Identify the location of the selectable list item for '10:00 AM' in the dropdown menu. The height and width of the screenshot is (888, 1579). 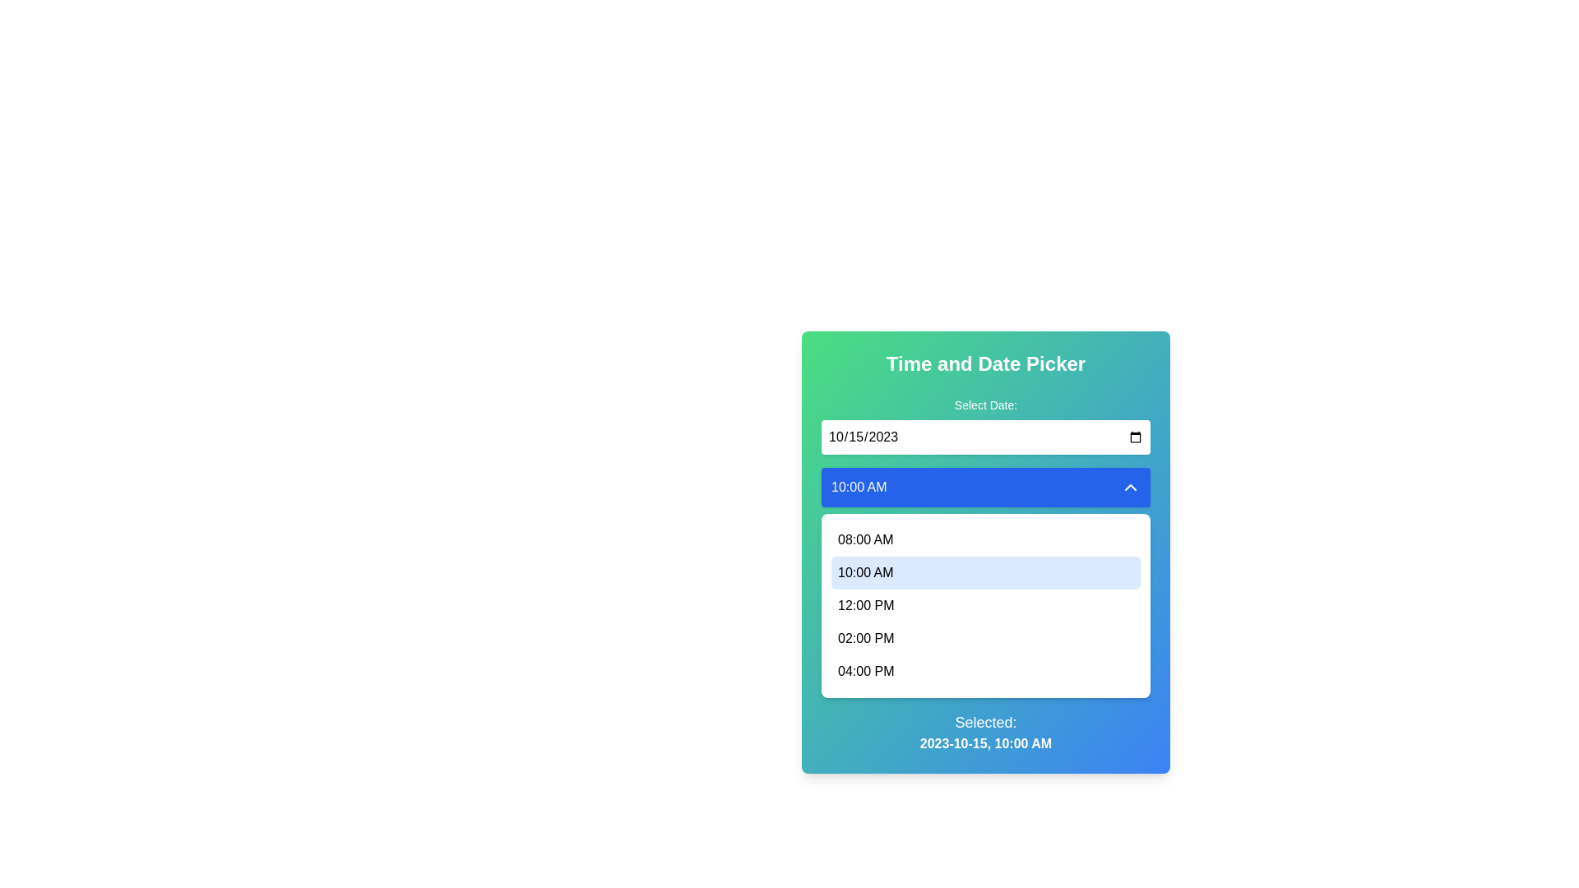
(986, 572).